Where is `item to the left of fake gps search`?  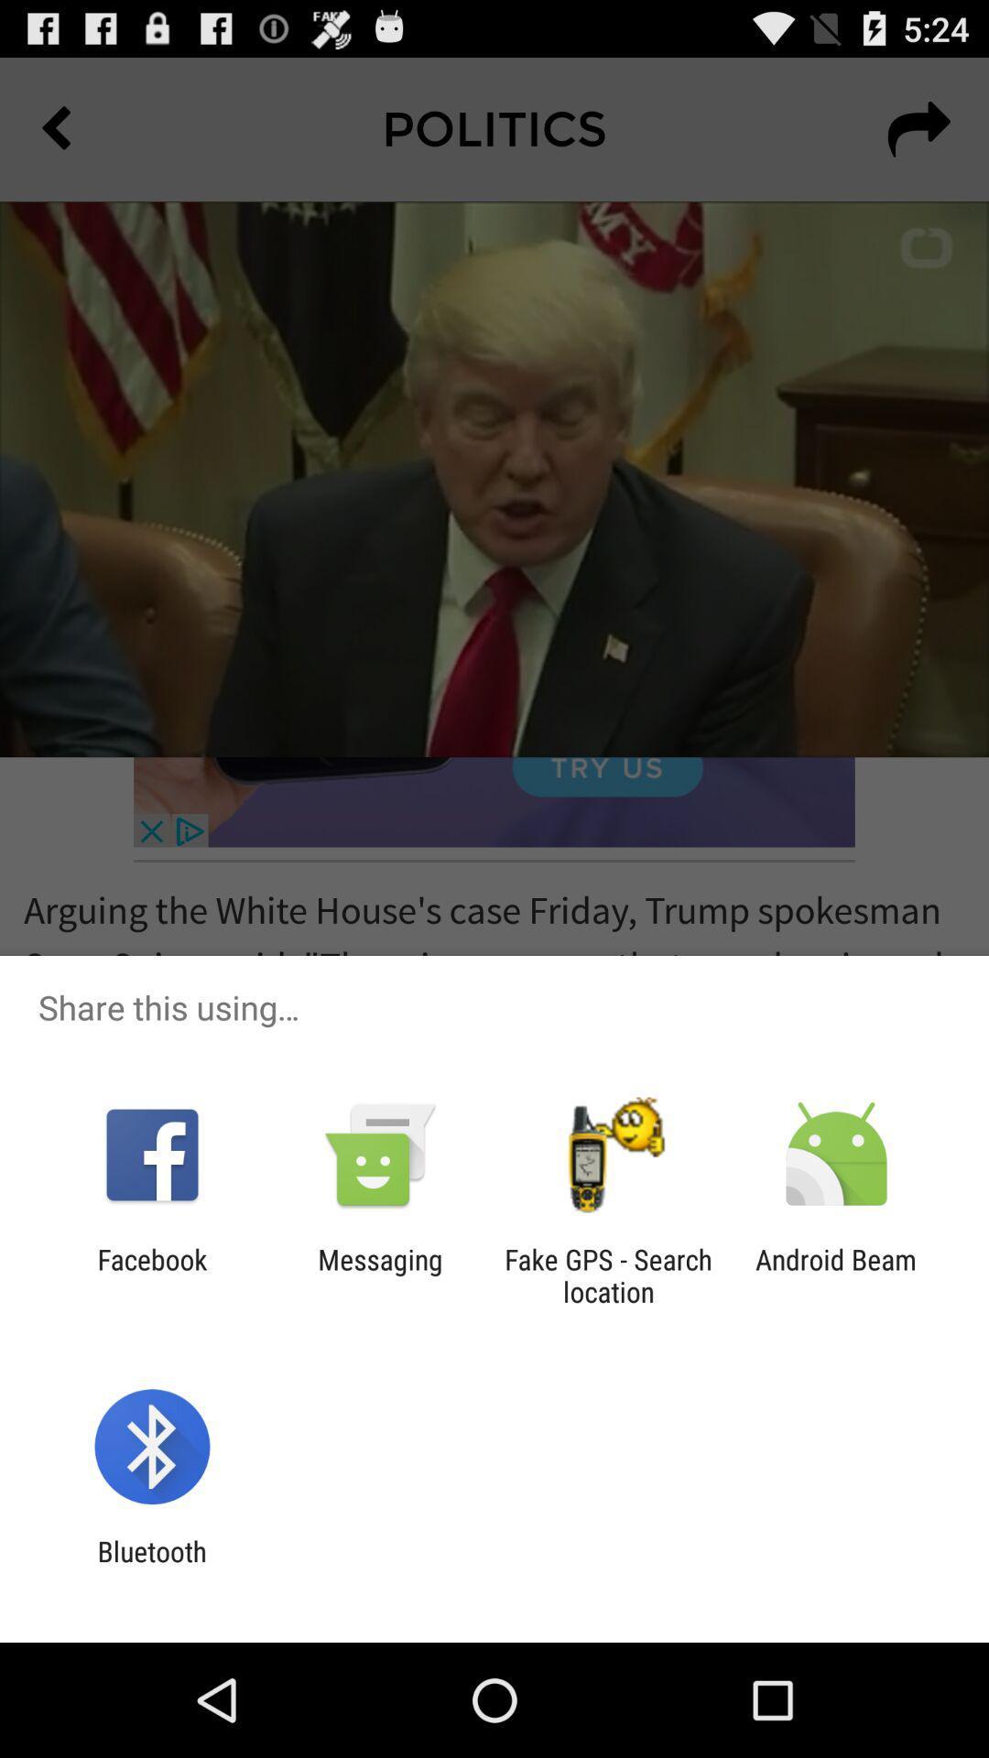
item to the left of fake gps search is located at coordinates (379, 1275).